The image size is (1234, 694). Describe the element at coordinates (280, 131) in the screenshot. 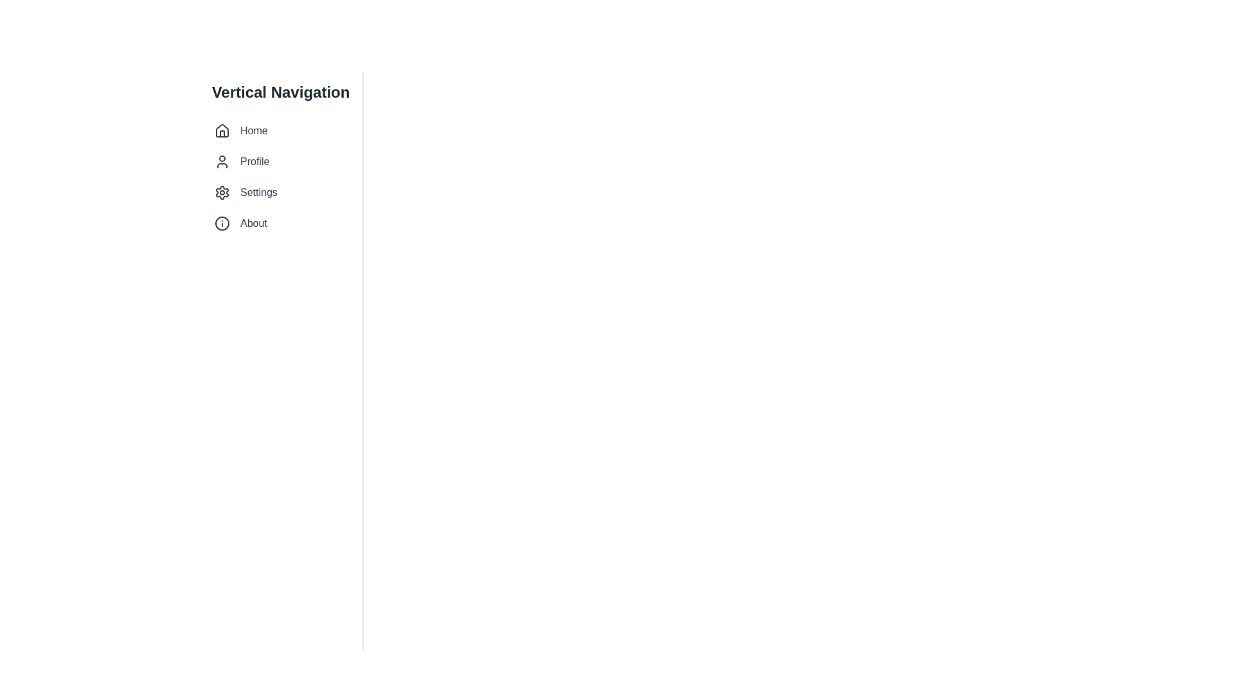

I see `the first item in the vertical navigation menu which is the 'Home' link to apply the hover effect` at that location.